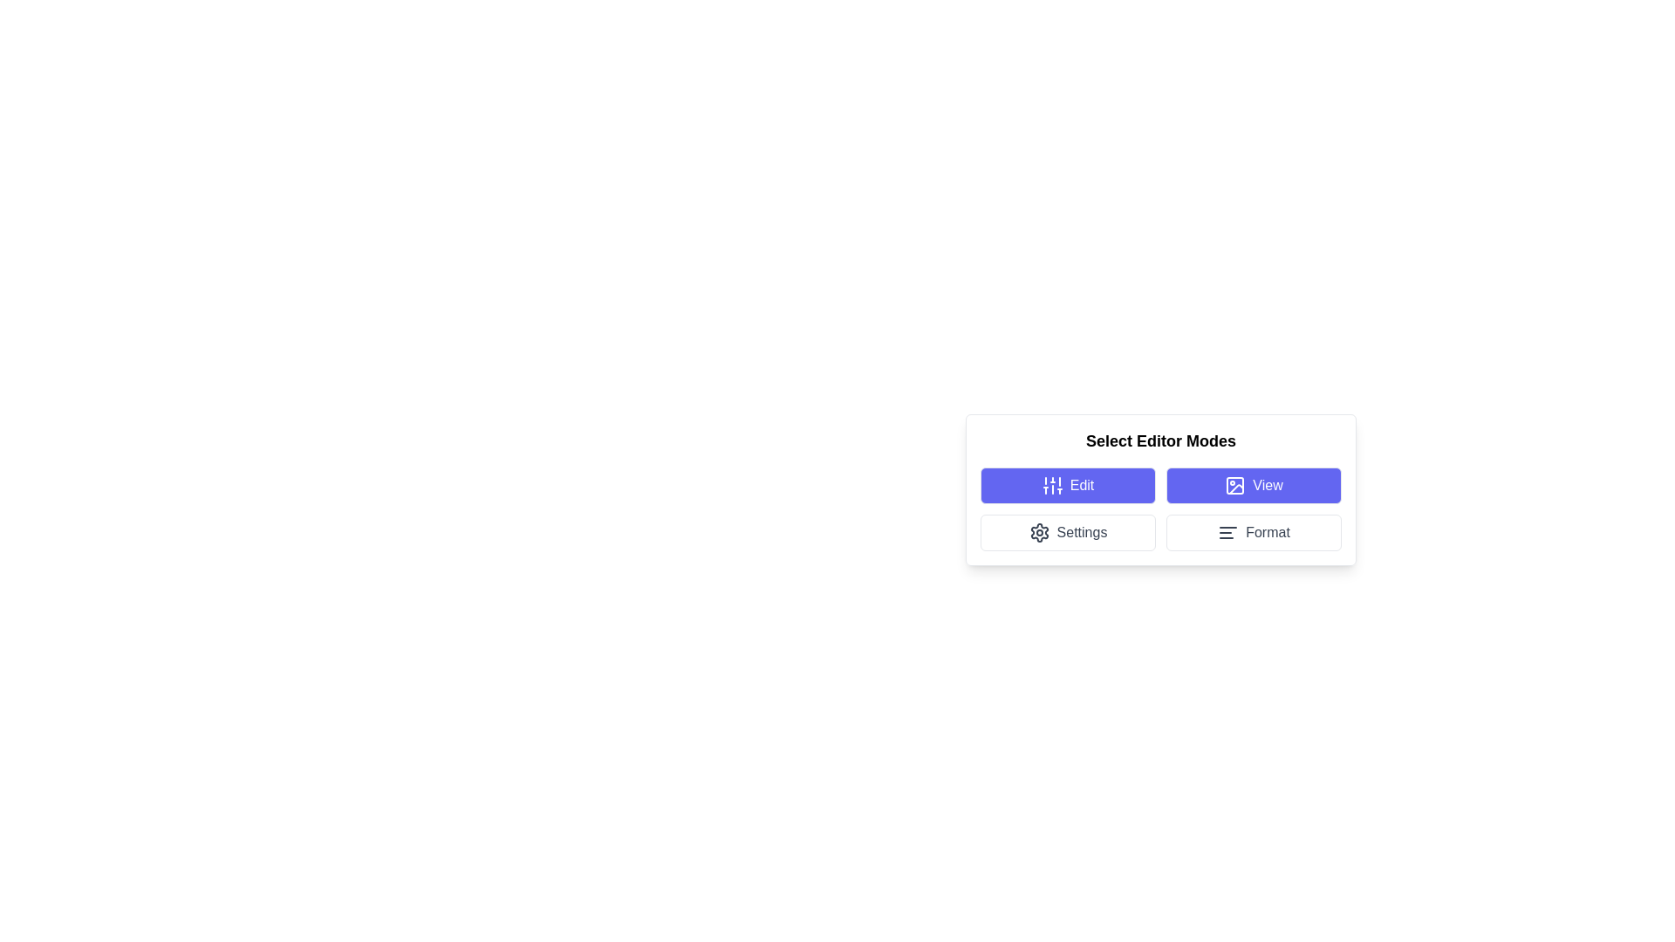 This screenshot has width=1675, height=942. I want to click on the icon depicting an image representation inside the 'View' button, which has a blue background and rounded corners, so click(1234, 485).